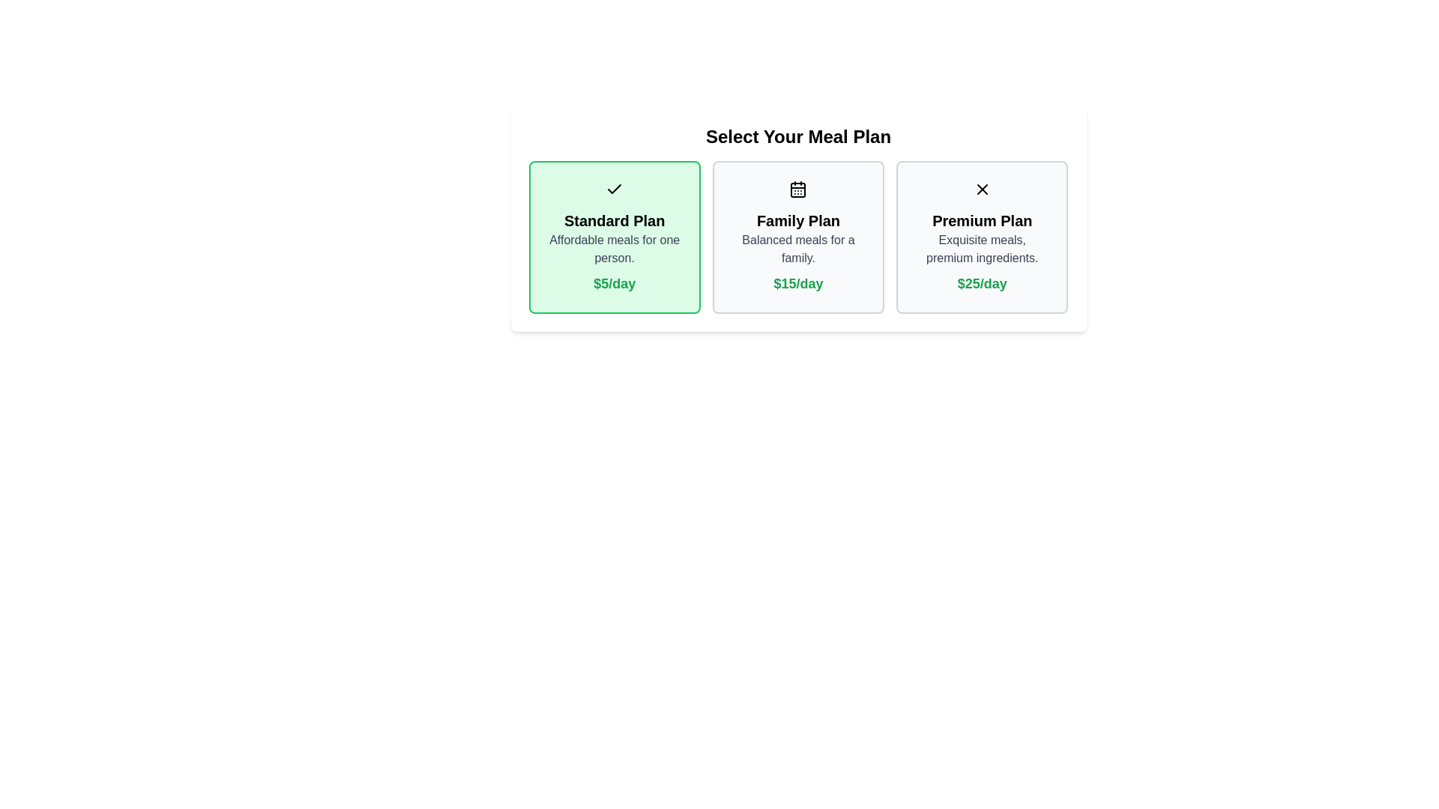 The width and height of the screenshot is (1439, 809). Describe the element at coordinates (797, 220) in the screenshot. I see `the 'Family Plan' title text, which is located in the second card of the meal plan options, positioned below the calendar icon and above the description 'Balanced meals for a family.' and the price '$15/day'` at that location.